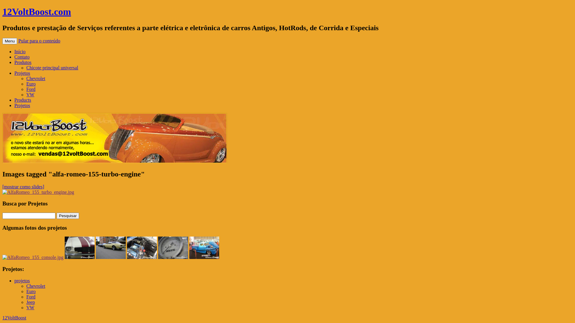 This screenshot has width=575, height=323. What do you see at coordinates (14, 281) in the screenshot?
I see `'projetos'` at bounding box center [14, 281].